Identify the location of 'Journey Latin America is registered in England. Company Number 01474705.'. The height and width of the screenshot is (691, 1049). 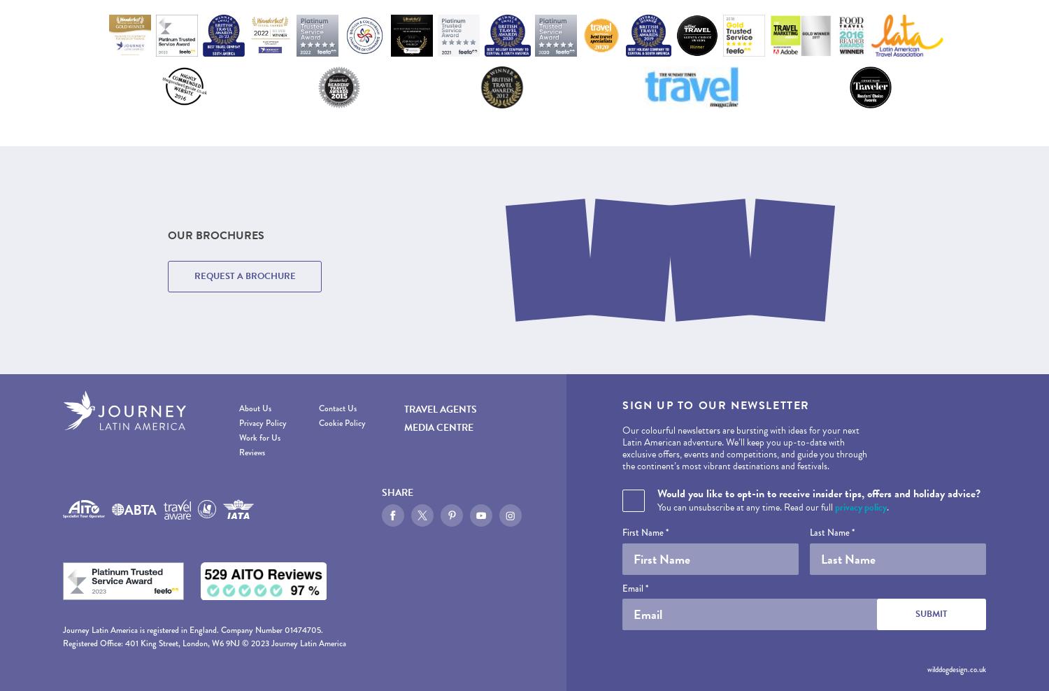
(62, 628).